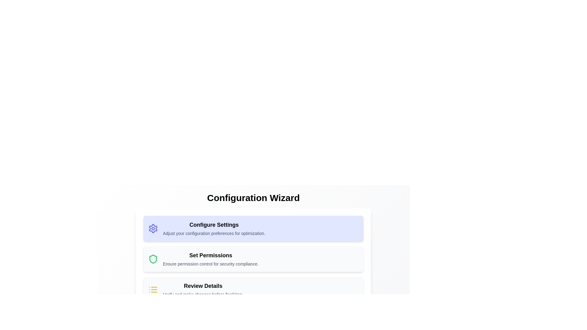 This screenshot has height=330, width=587. What do you see at coordinates (214, 225) in the screenshot?
I see `header text of the configuration section label located in the first card below the title 'Configuration Wizard'` at bounding box center [214, 225].